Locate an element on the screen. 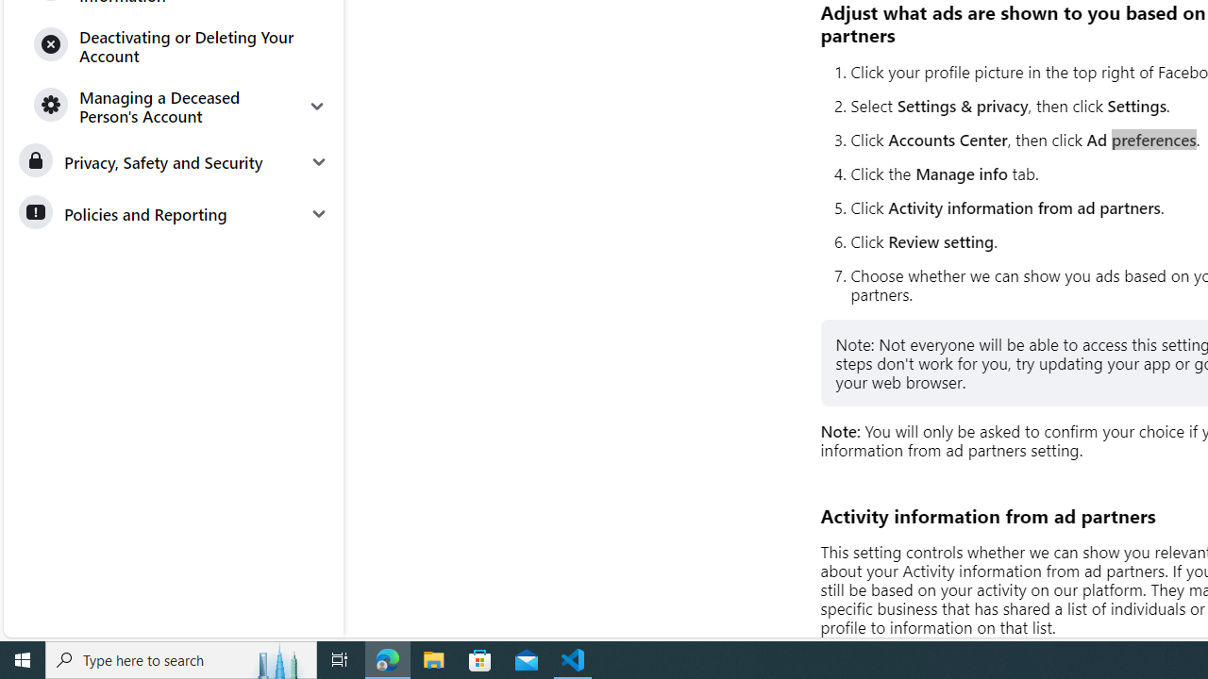 The image size is (1208, 679). 'Managing a Deceased Person' is located at coordinates (181, 106).